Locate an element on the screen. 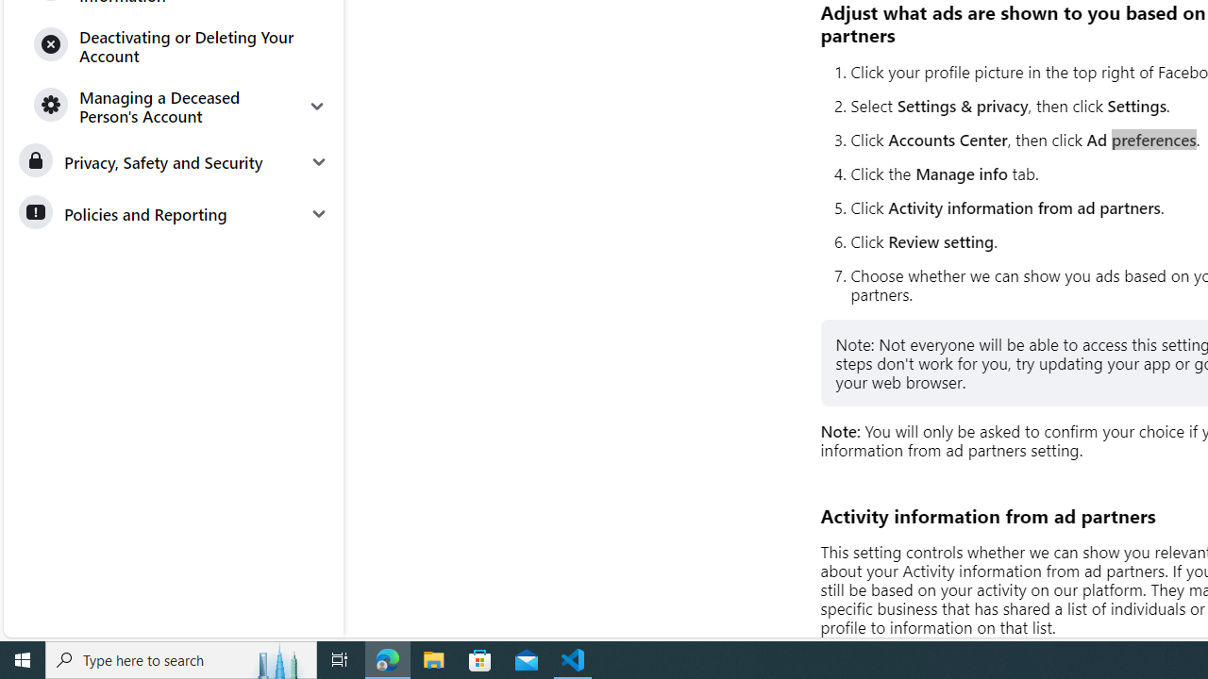 The image size is (1208, 679). 'Managing a Deceased Person' is located at coordinates (181, 106).